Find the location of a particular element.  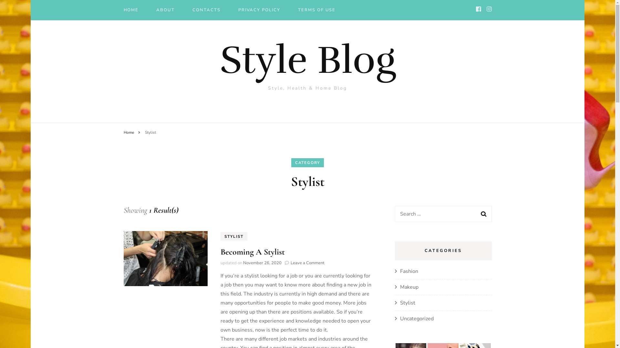

'Becoming A Stylist' is located at coordinates (252, 251).